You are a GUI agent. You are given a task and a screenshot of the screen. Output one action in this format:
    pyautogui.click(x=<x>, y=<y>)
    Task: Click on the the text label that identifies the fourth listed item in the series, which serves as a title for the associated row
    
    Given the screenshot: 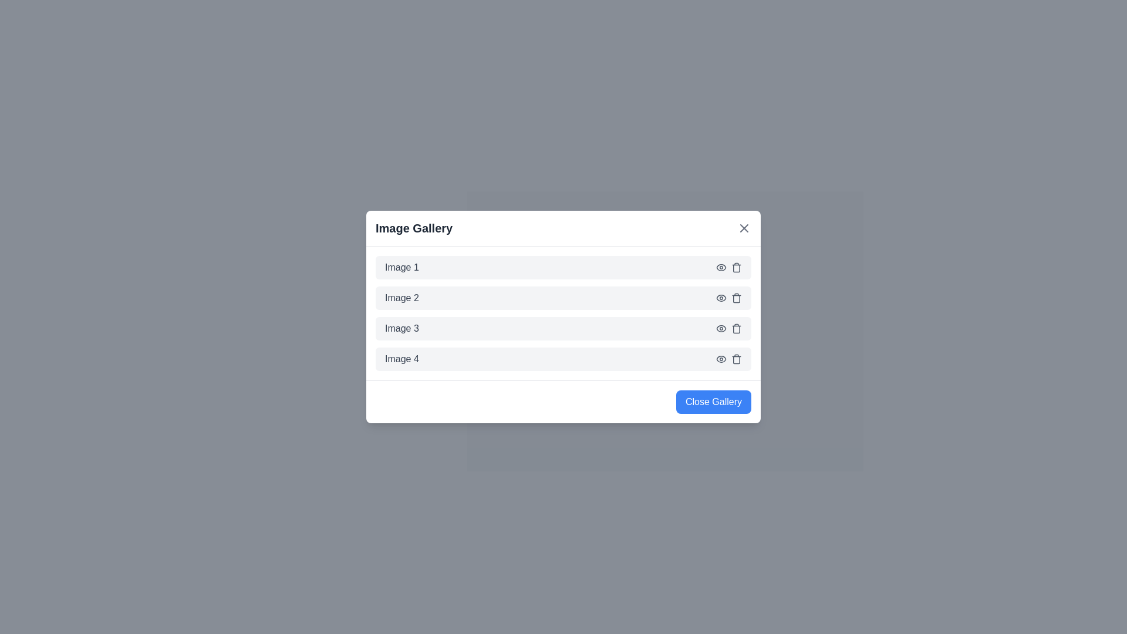 What is the action you would take?
    pyautogui.click(x=401, y=359)
    